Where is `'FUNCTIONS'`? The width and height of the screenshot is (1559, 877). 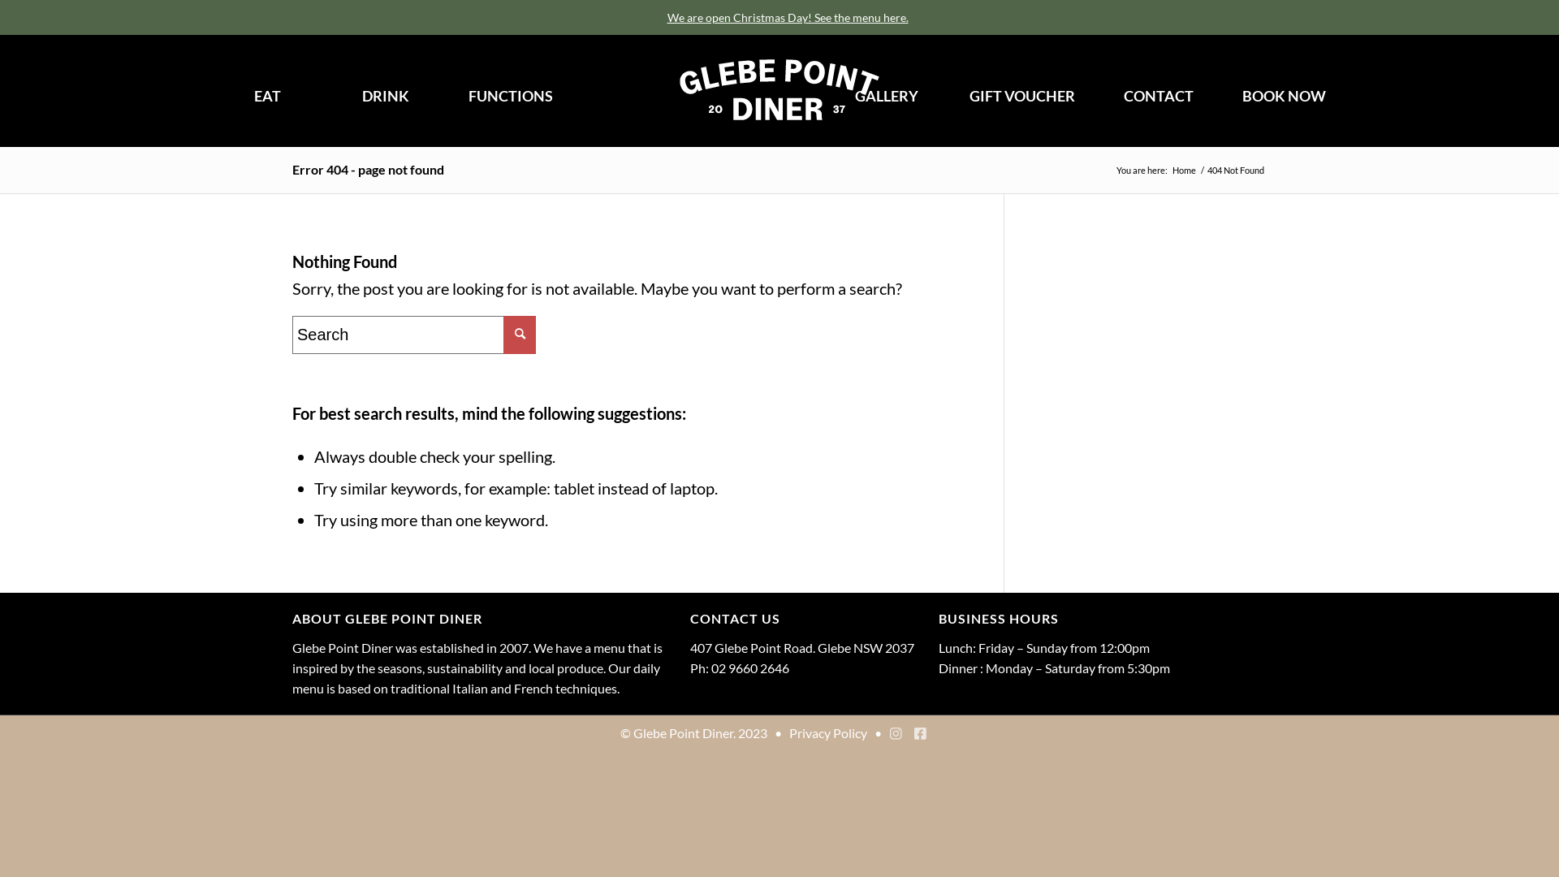 'FUNCTIONS' is located at coordinates (509, 96).